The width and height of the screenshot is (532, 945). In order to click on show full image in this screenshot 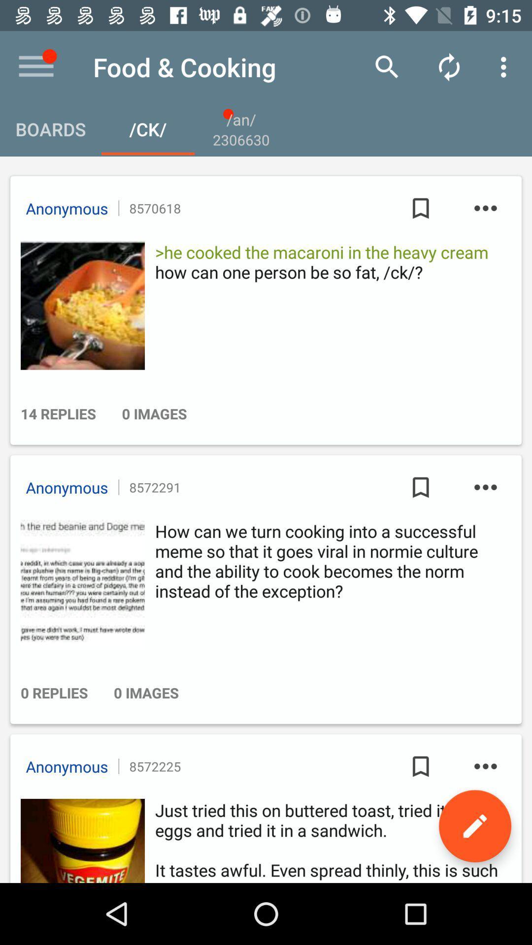, I will do `click(79, 305)`.